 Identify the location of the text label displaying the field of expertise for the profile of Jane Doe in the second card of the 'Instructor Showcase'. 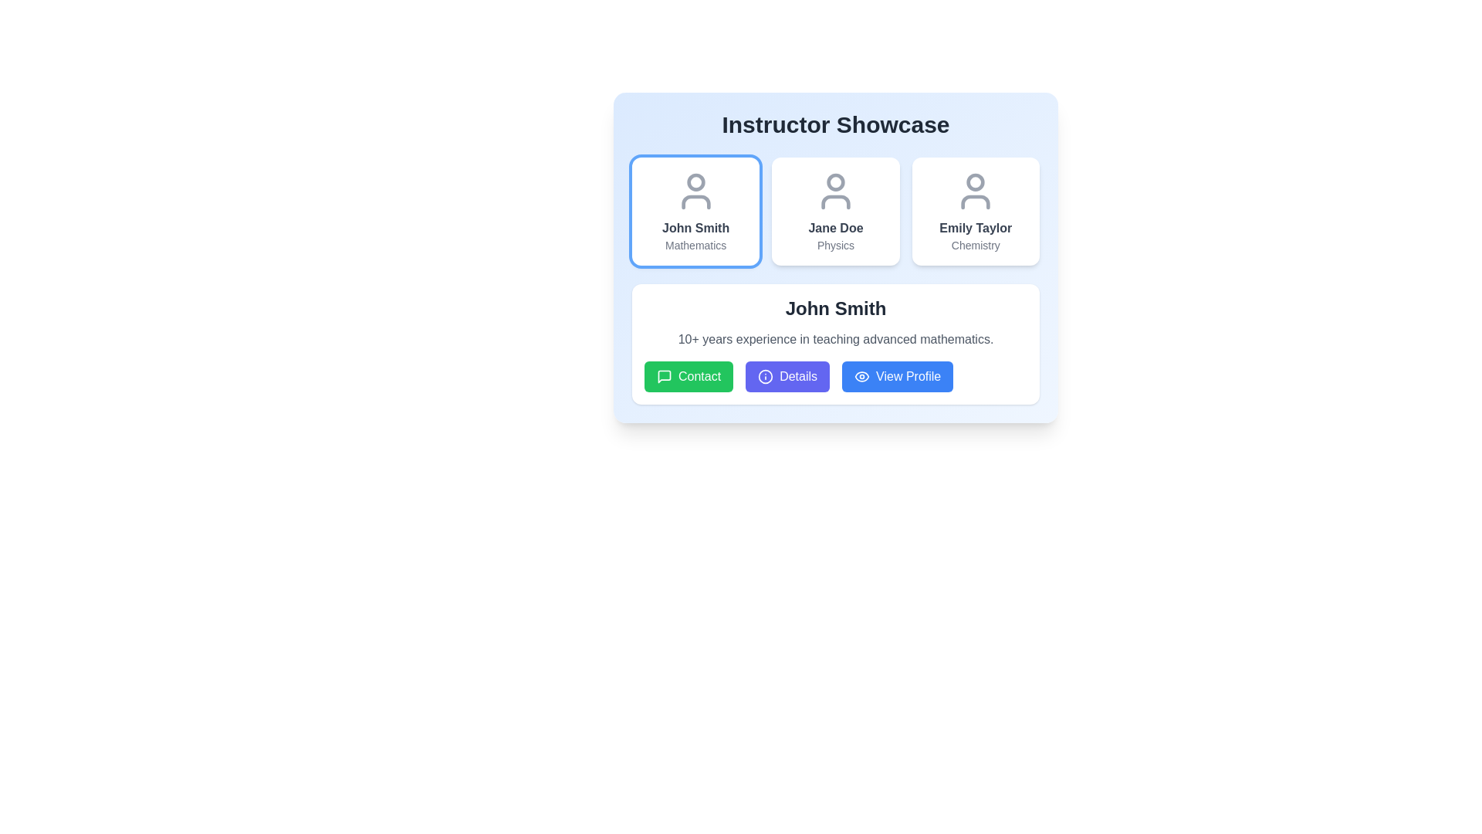
(835, 244).